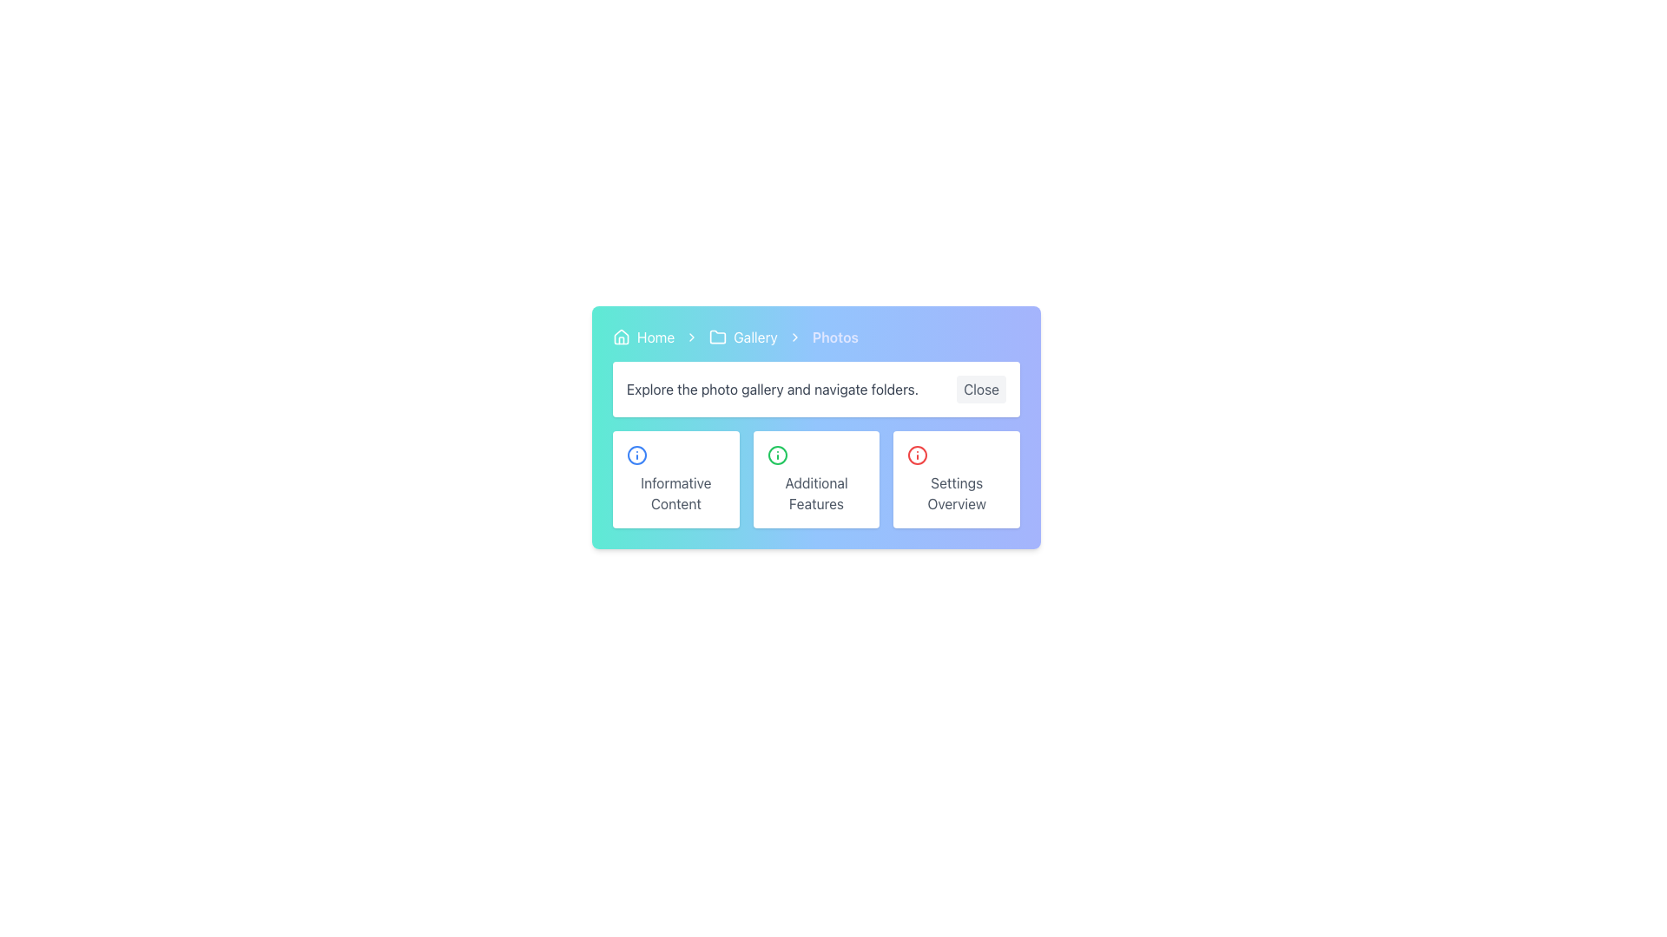  Describe the element at coordinates (815, 479) in the screenshot. I see `the 'Additional Features' Informational Card, which is the second column in a grid layout located between 'Informative Content' and 'Settings Overview'` at that location.